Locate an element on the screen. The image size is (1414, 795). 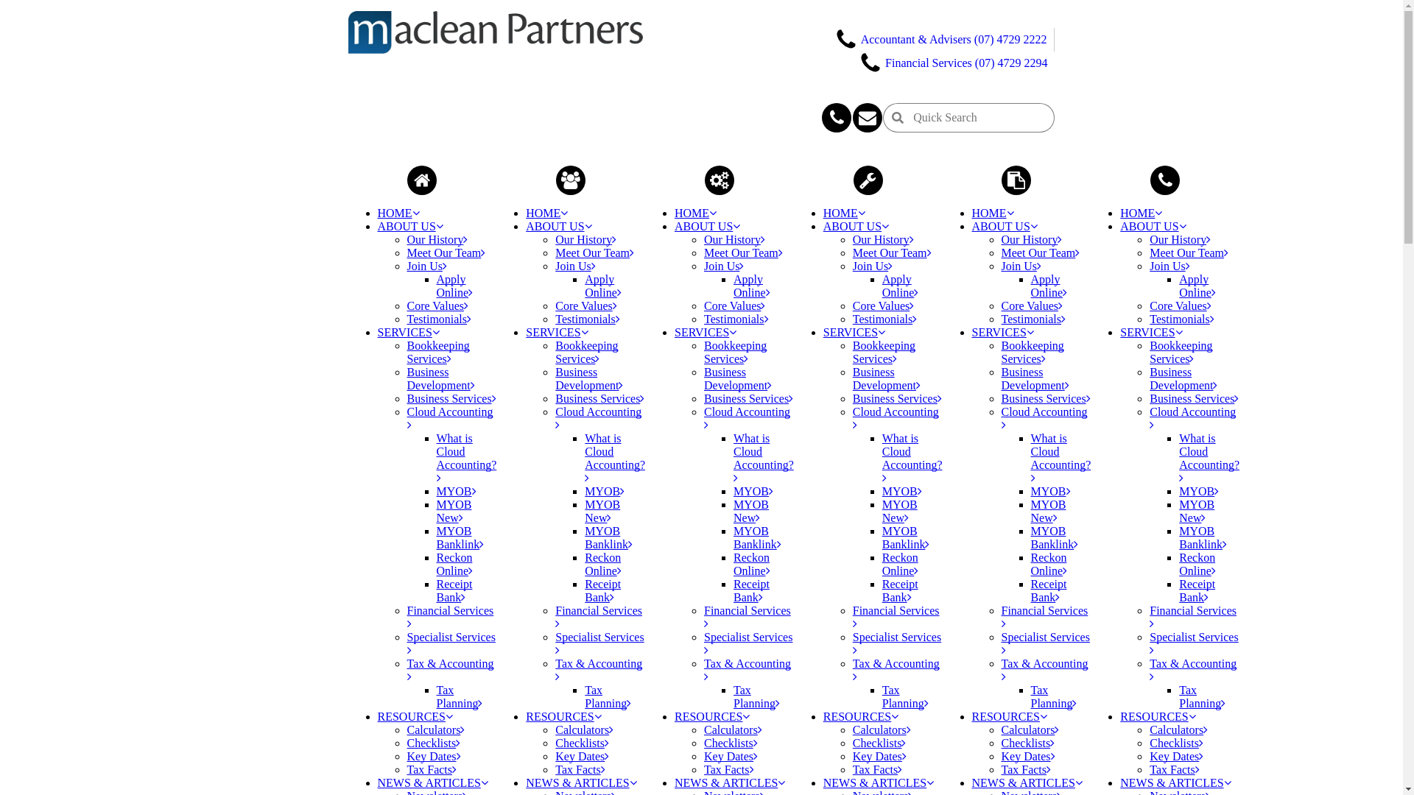
'Tax & Accounting' is located at coordinates (1193, 670).